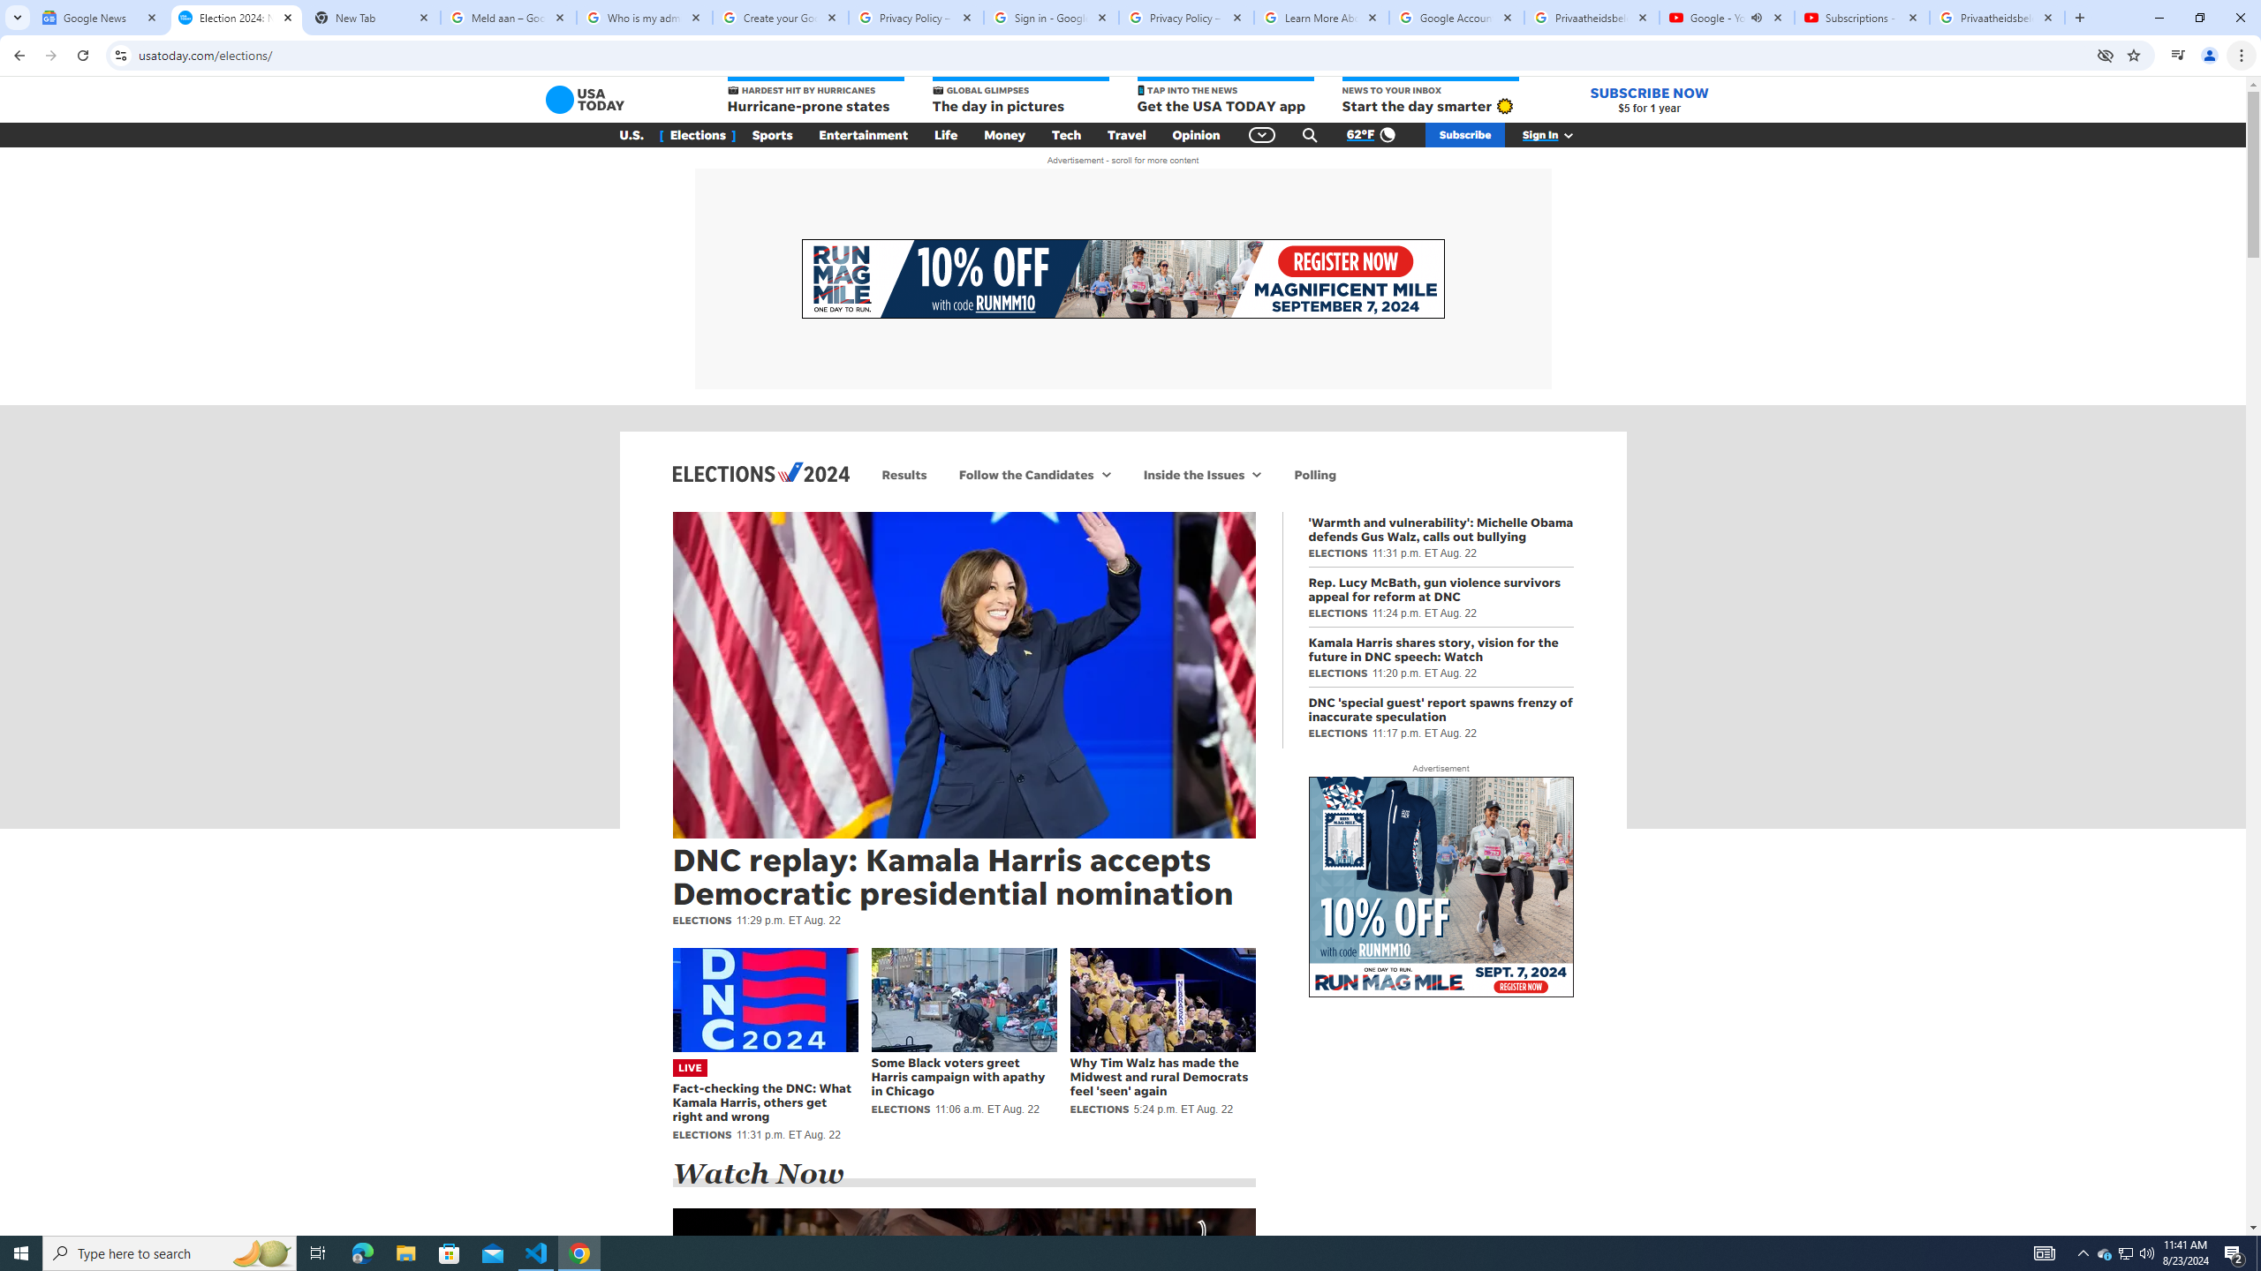  I want to click on 'Sign In', so click(1556, 135).